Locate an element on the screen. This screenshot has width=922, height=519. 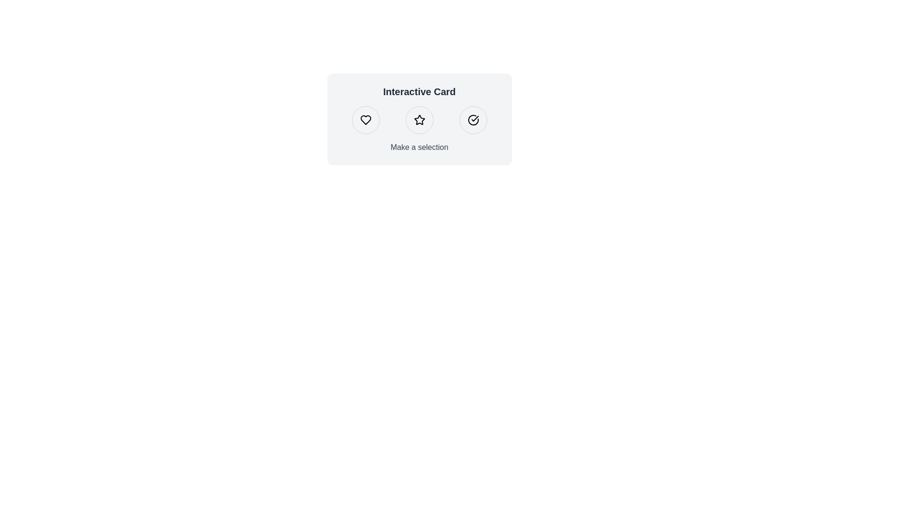
the heart-shaped icon, which is the leftmost button in a row of three circular icons within the 'Interactive Card' component is located at coordinates (365, 120).